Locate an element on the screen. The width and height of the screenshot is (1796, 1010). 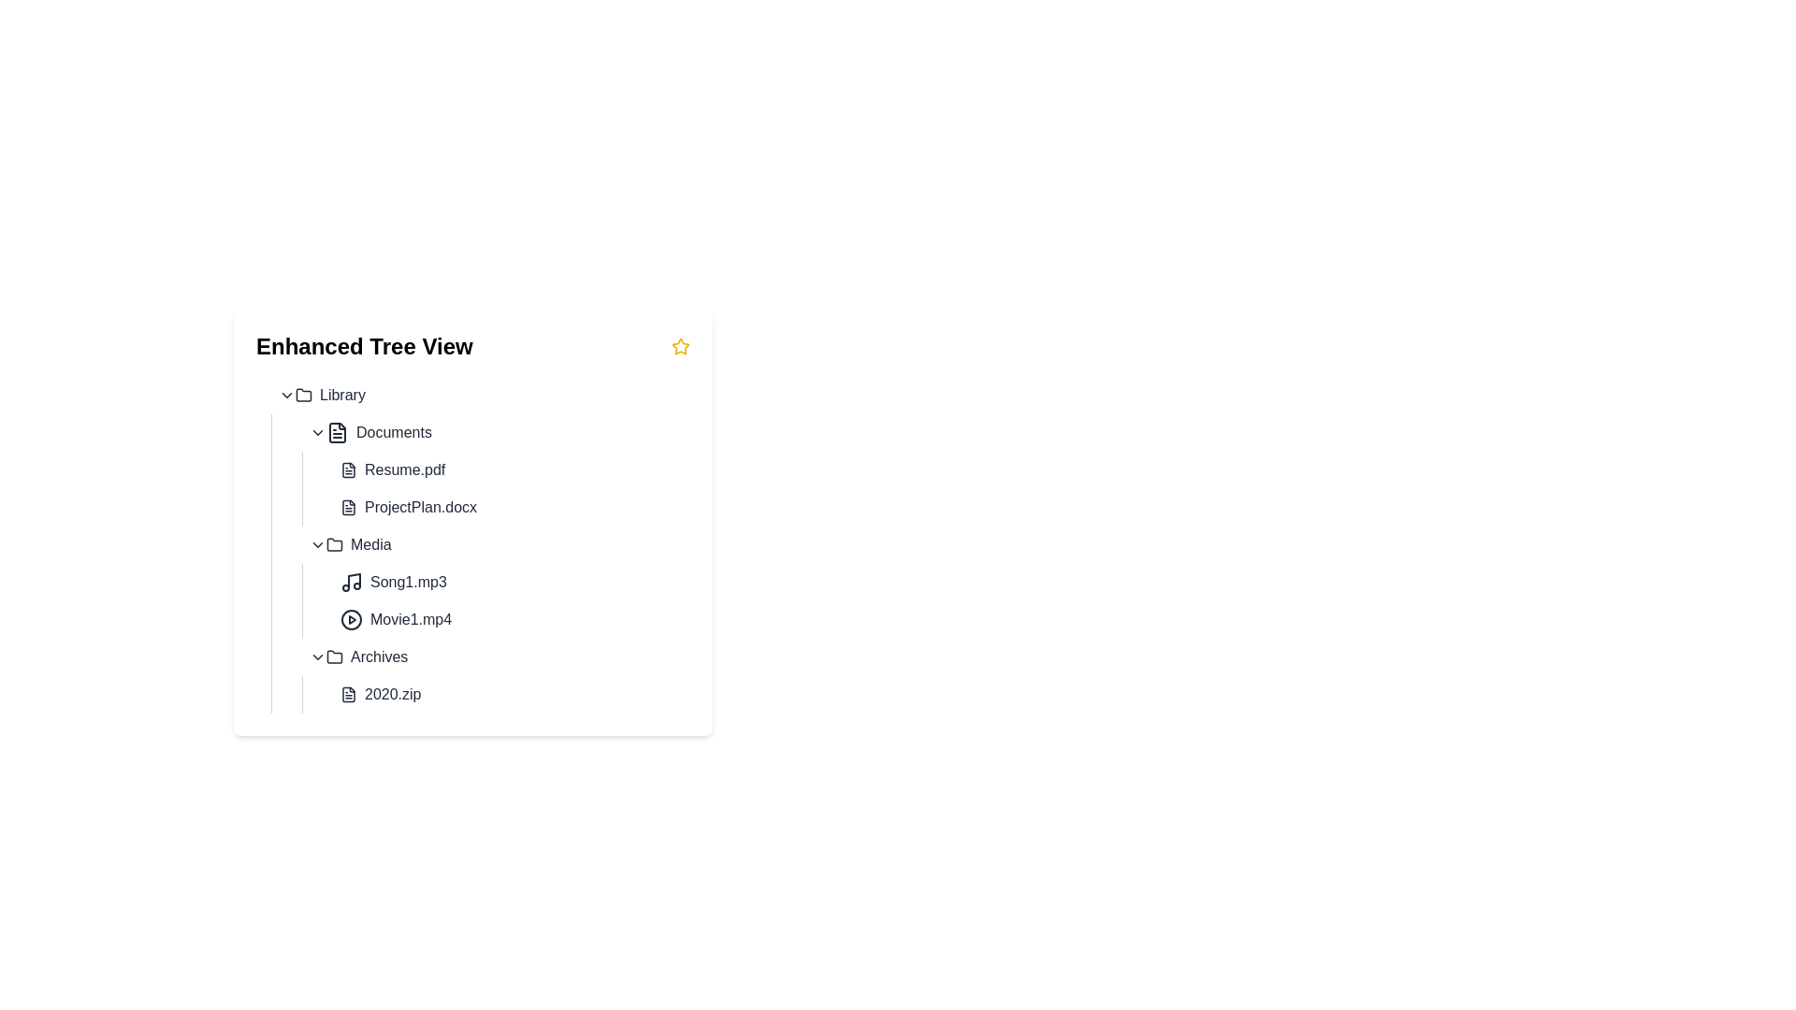
the folder icon, which is a minimalistic outline representation used in file management is located at coordinates (335, 656).